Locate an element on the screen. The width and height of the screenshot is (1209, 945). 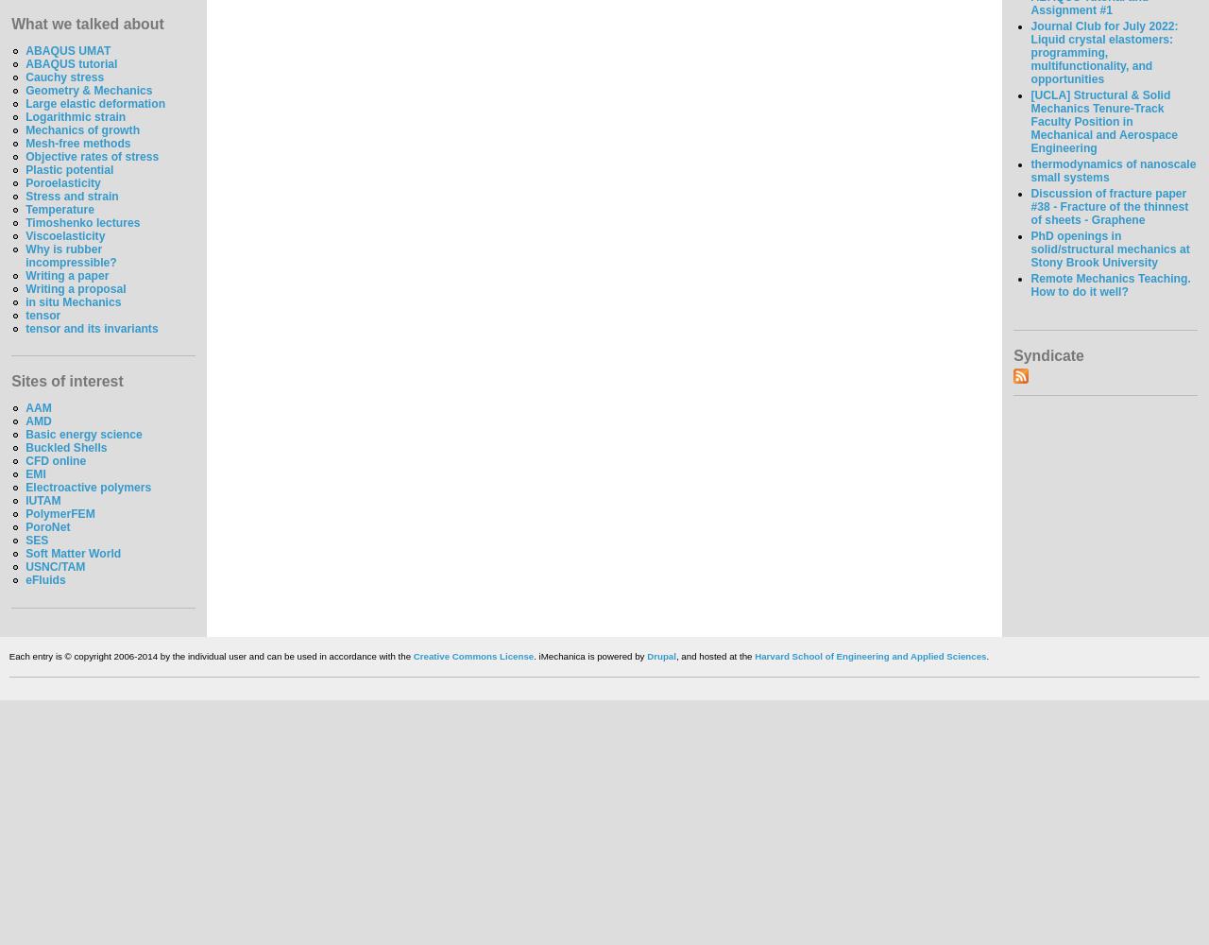
'What we talked about' is located at coordinates (86, 23).